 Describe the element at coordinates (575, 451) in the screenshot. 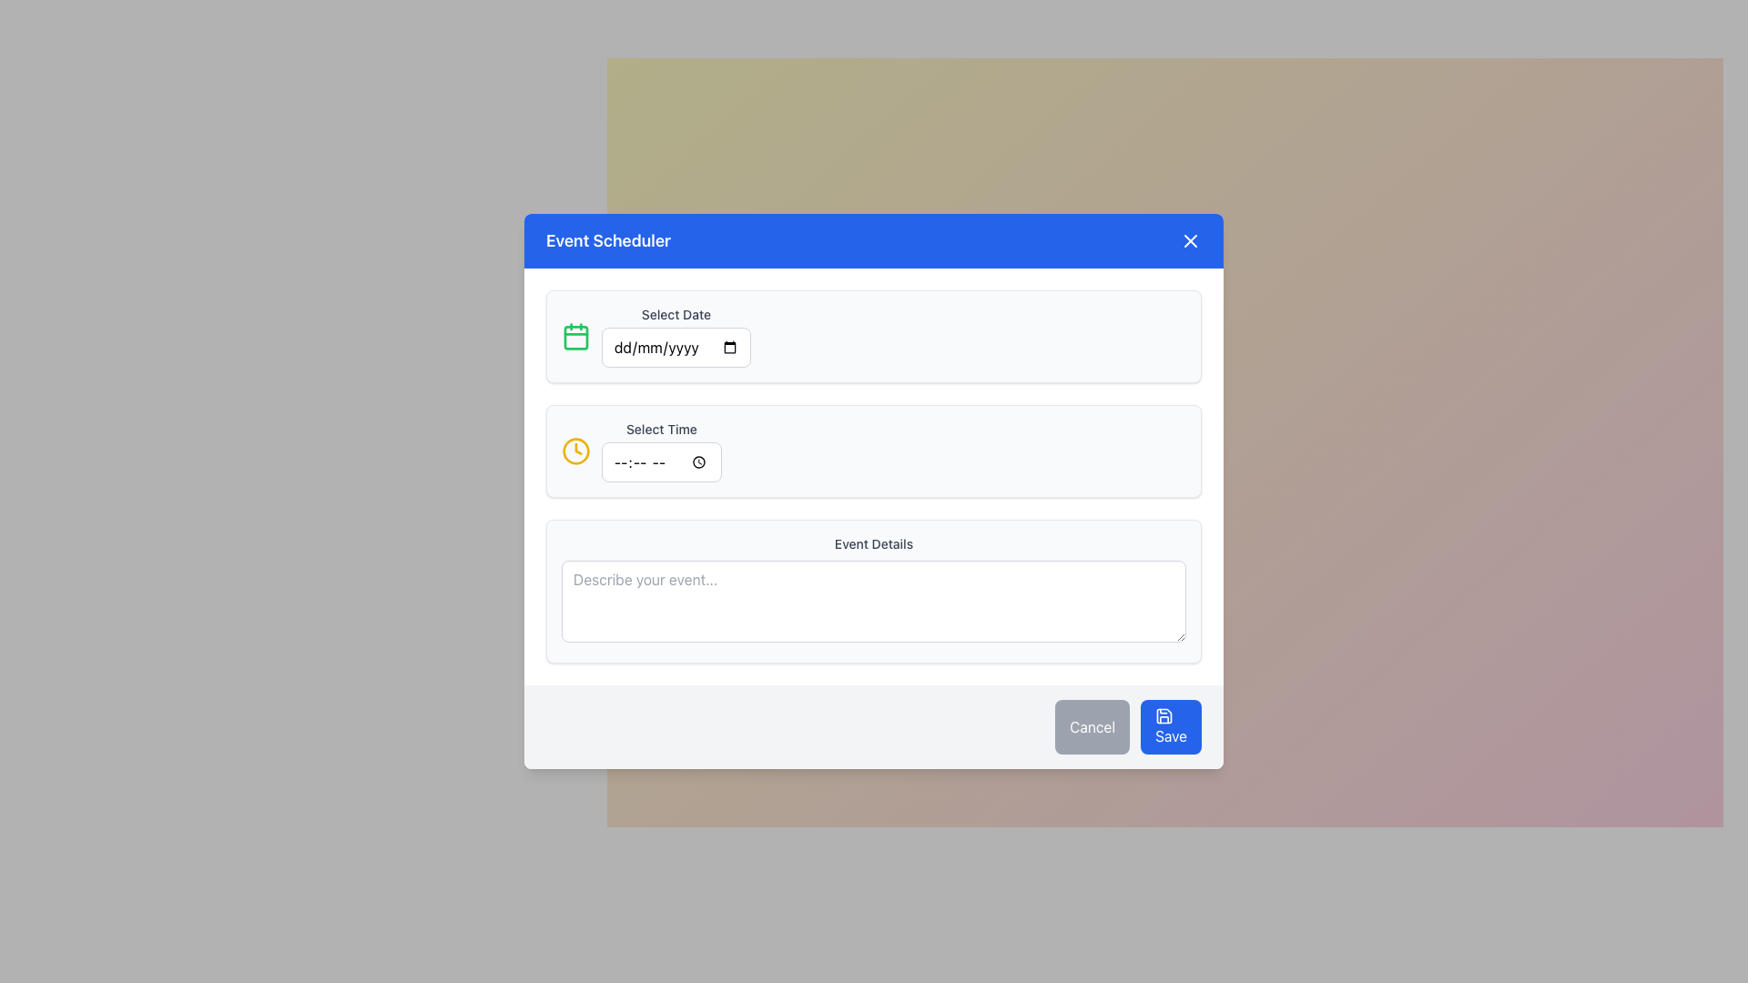

I see `the clock icon located to the left of the 'Select Time' text within the rounded rectangle section titled 'Select Time' for auxiliary actions` at that location.